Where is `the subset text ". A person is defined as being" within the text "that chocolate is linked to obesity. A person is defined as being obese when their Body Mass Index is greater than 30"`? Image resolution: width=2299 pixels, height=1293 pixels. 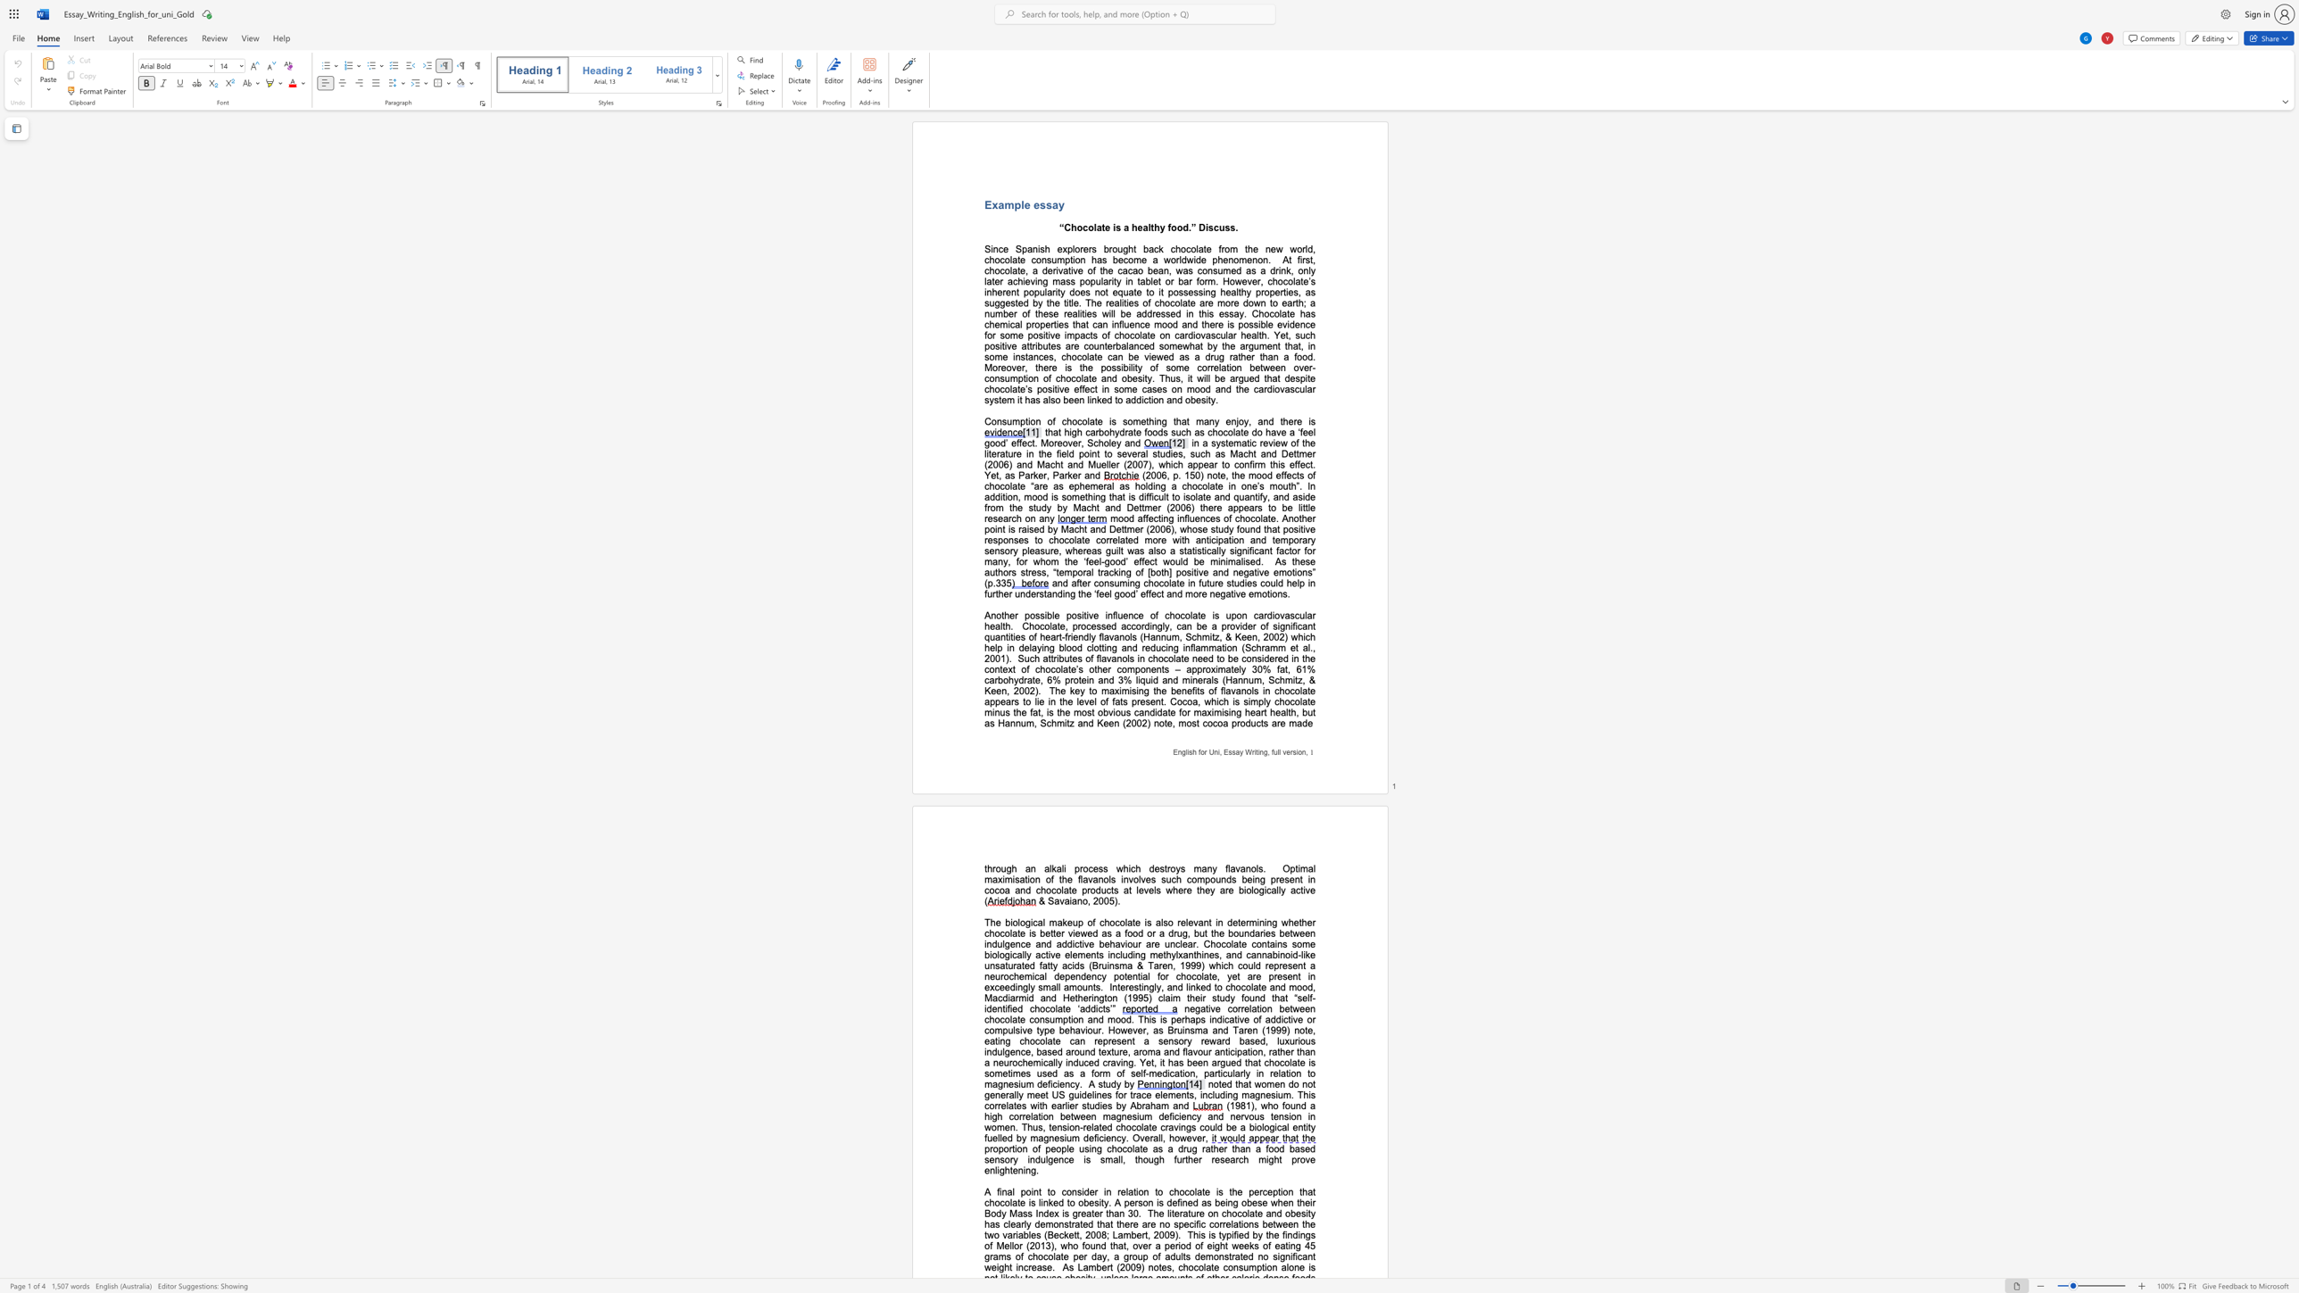 the subset text ". A person is defined as being" within the text "that chocolate is linked to obesity. A person is defined as being obese when their Body Mass Index is greater than 30" is located at coordinates (1108, 1202).